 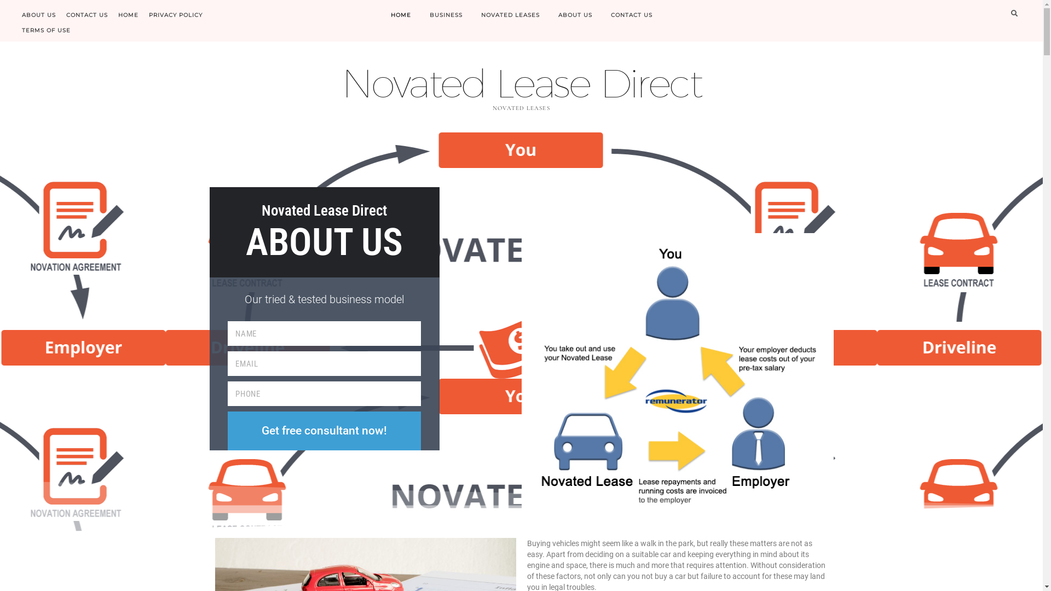 What do you see at coordinates (86, 13) in the screenshot?
I see `'CONTACT US'` at bounding box center [86, 13].